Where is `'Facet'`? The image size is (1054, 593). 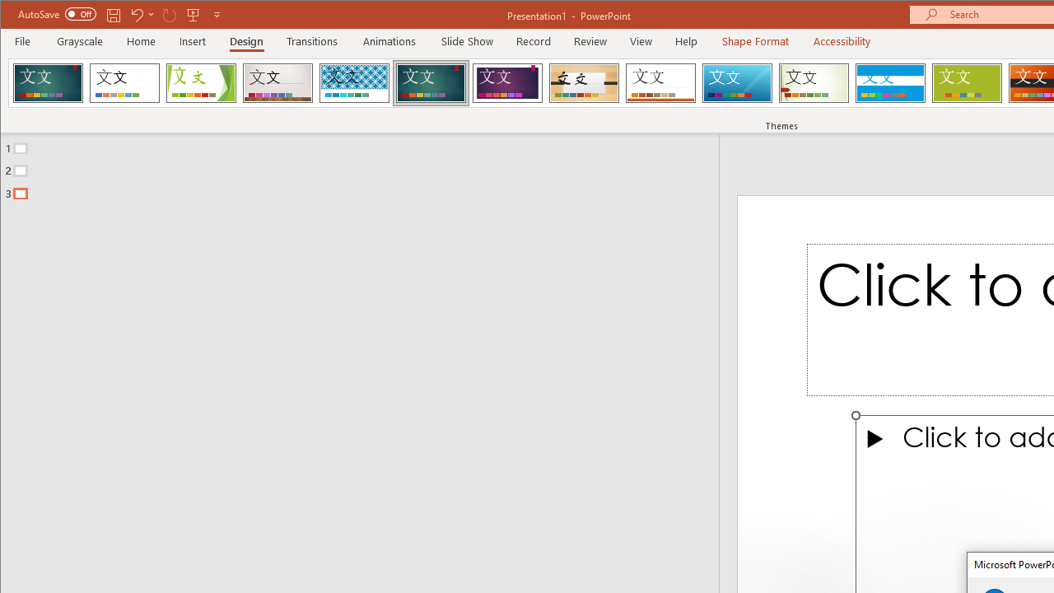
'Facet' is located at coordinates (200, 82).